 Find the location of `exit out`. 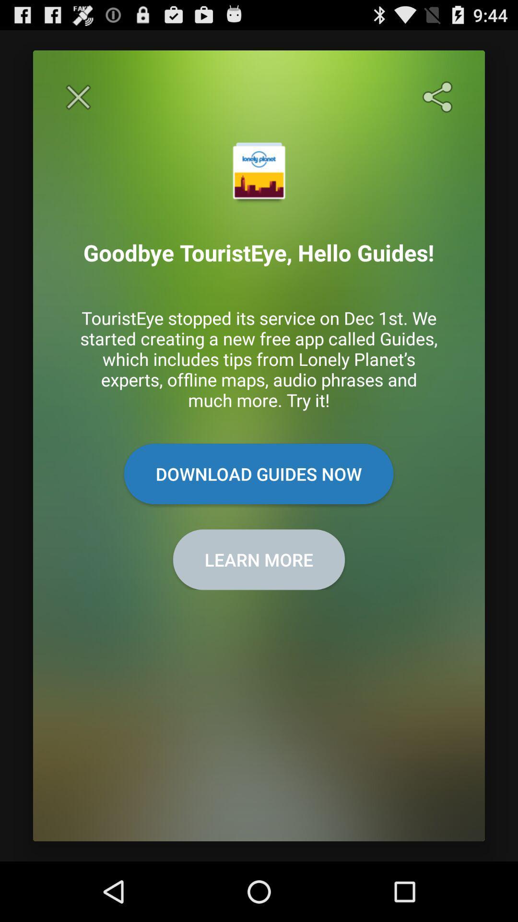

exit out is located at coordinates (78, 97).